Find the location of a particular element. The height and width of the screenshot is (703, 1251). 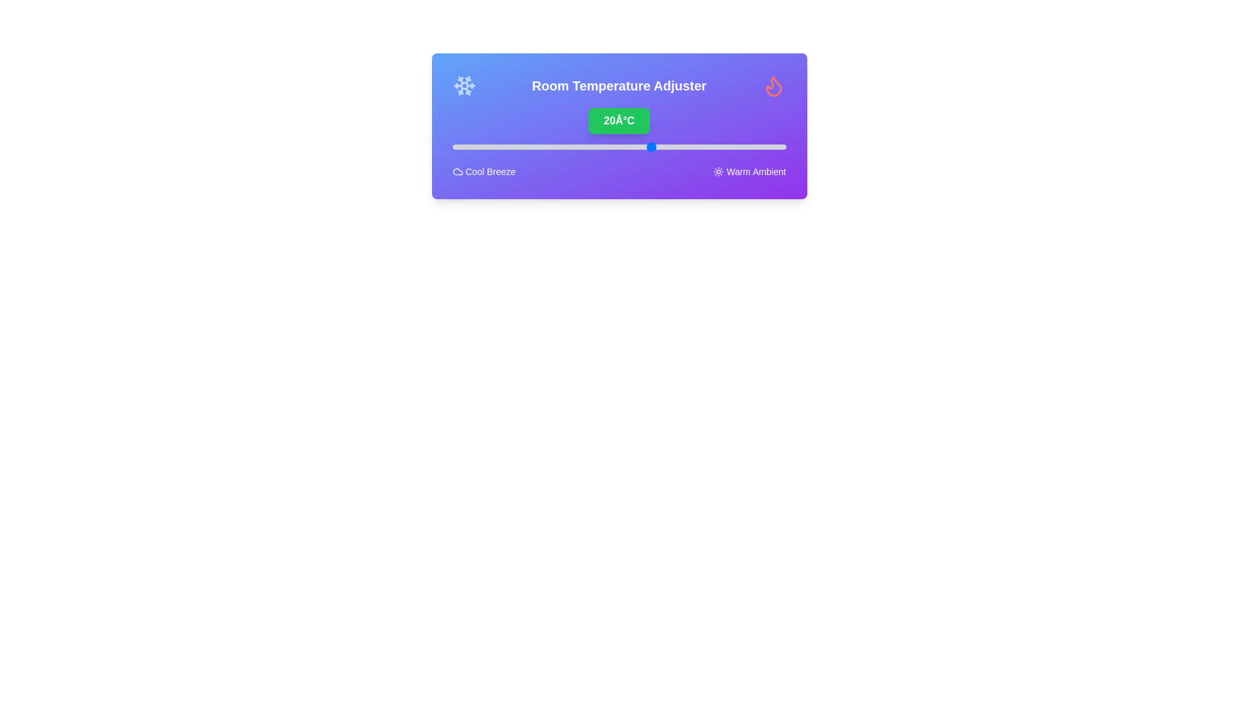

the displayed temperature value is located at coordinates (618, 120).